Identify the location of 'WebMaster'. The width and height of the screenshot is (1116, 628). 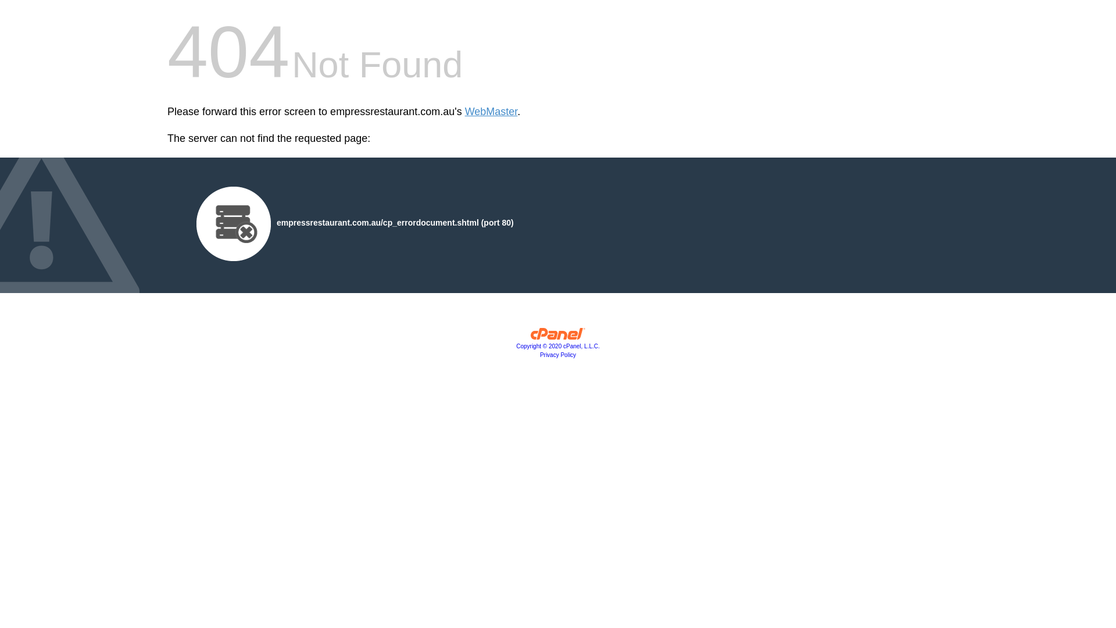
(491, 112).